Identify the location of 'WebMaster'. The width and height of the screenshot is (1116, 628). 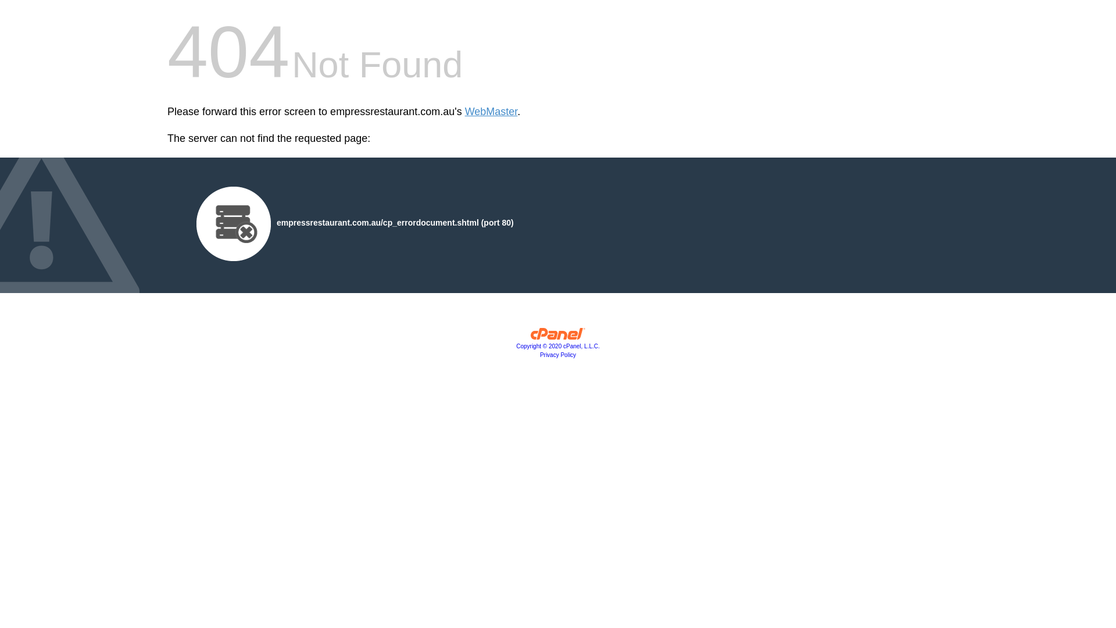
(491, 112).